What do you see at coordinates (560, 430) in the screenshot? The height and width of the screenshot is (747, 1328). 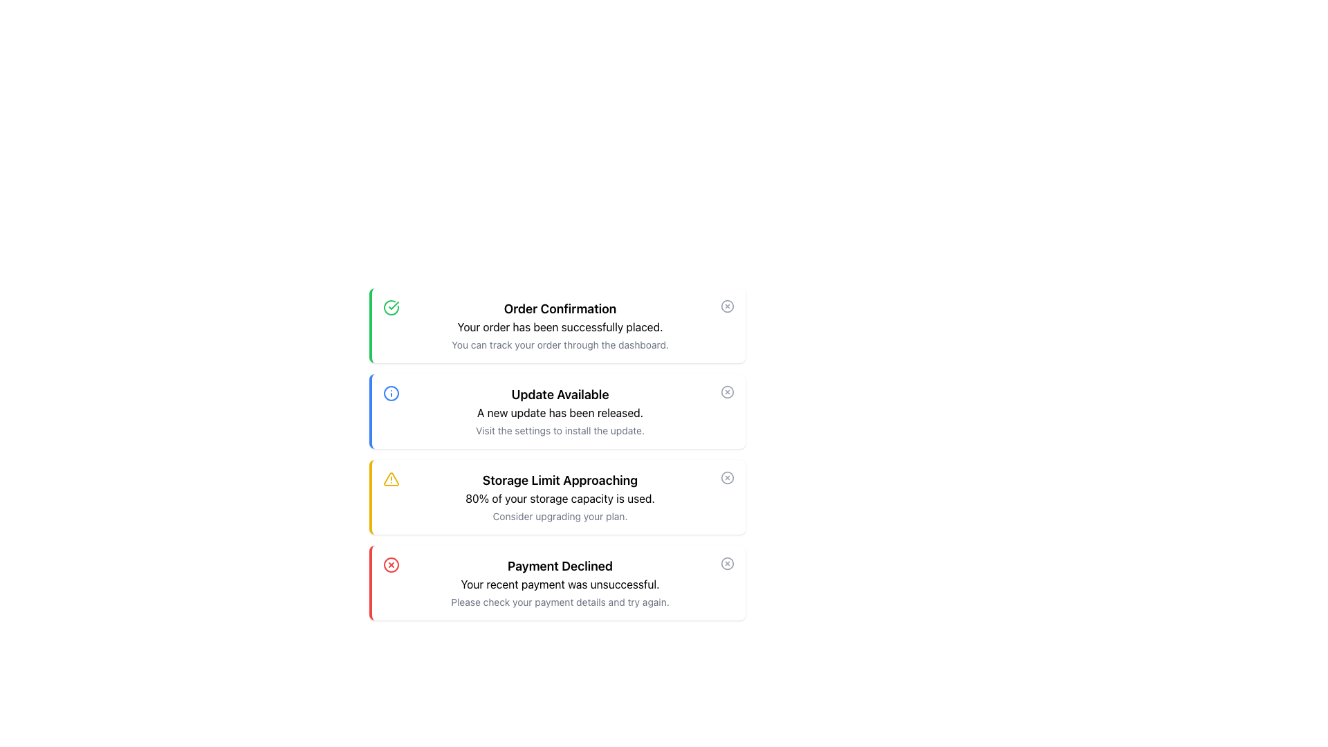 I see `the instructional text saying 'Visit the settings to install the update.' located in the third line of the notification card labeled 'Update Available.'` at bounding box center [560, 430].